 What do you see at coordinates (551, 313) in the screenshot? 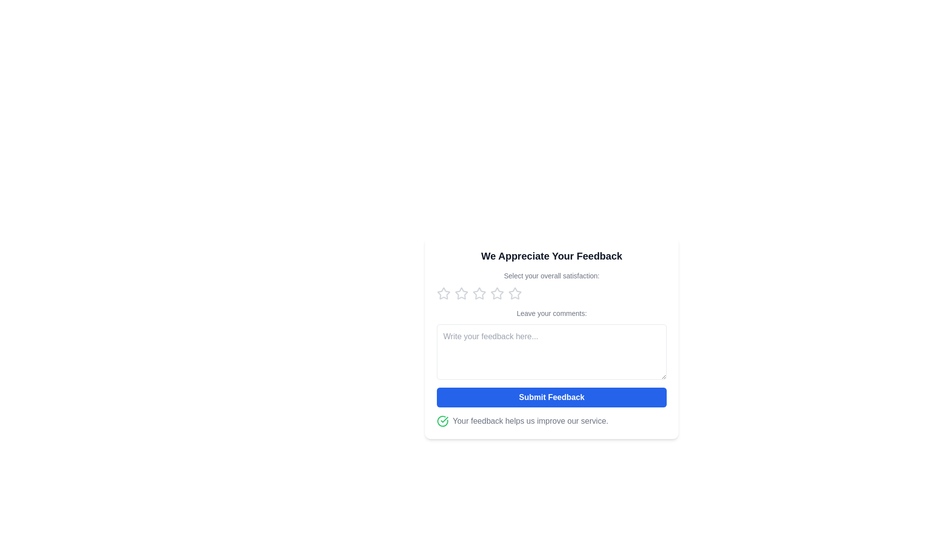
I see `the text label that reads 'Leave your comments:', which is located within the feedback form interface, below the star rating section and above the text area input field` at bounding box center [551, 313].